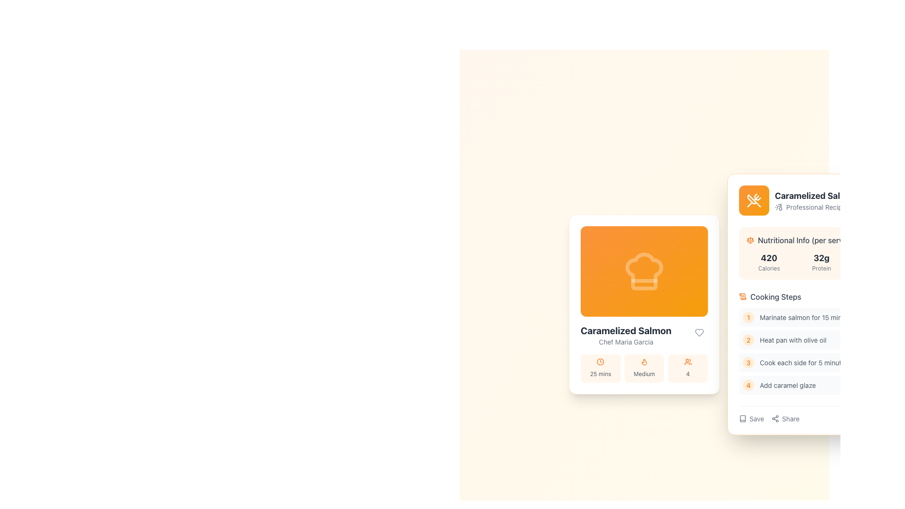 Image resolution: width=905 pixels, height=509 pixels. I want to click on the descriptive text label beneath the title 'Caramelized Salmon', so click(816, 206).